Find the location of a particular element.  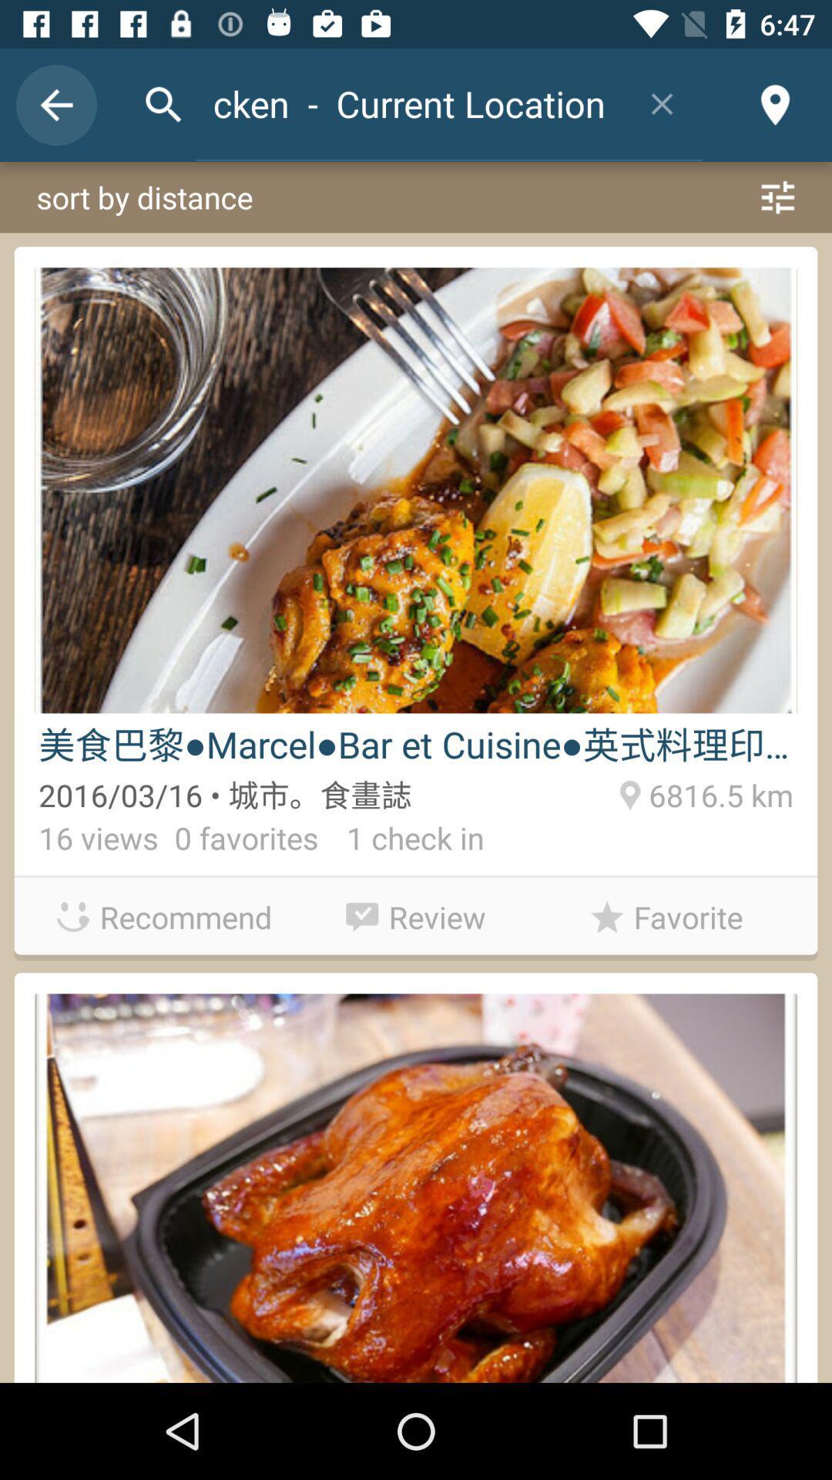

sort by distance is located at coordinates (416, 197).